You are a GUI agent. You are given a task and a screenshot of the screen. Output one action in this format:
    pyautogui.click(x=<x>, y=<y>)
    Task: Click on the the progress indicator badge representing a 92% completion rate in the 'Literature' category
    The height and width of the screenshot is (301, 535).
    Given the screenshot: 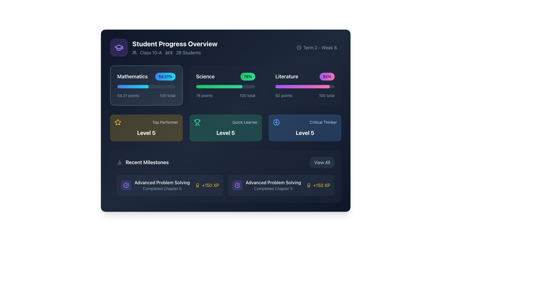 What is the action you would take?
    pyautogui.click(x=327, y=76)
    